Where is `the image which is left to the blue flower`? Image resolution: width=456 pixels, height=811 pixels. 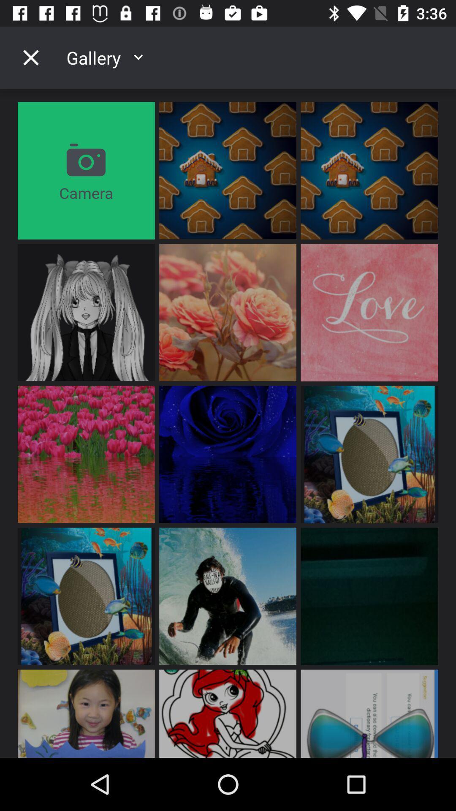 the image which is left to the blue flower is located at coordinates (86, 454).